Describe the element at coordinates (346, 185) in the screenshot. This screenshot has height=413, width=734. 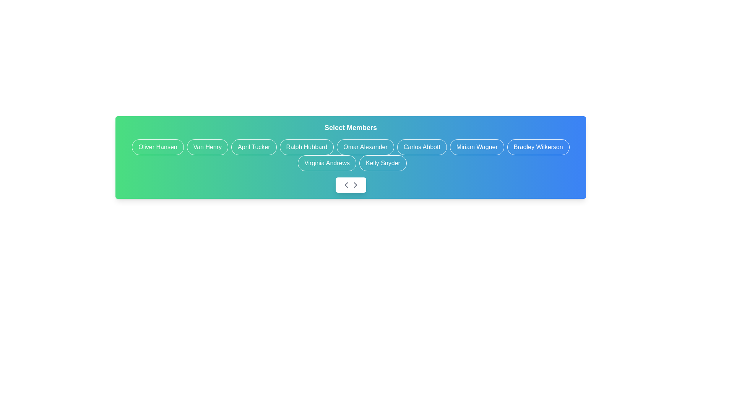
I see `the chevron-like icon indicating navigation or selection functionality to scroll or move through a list to the left` at that location.